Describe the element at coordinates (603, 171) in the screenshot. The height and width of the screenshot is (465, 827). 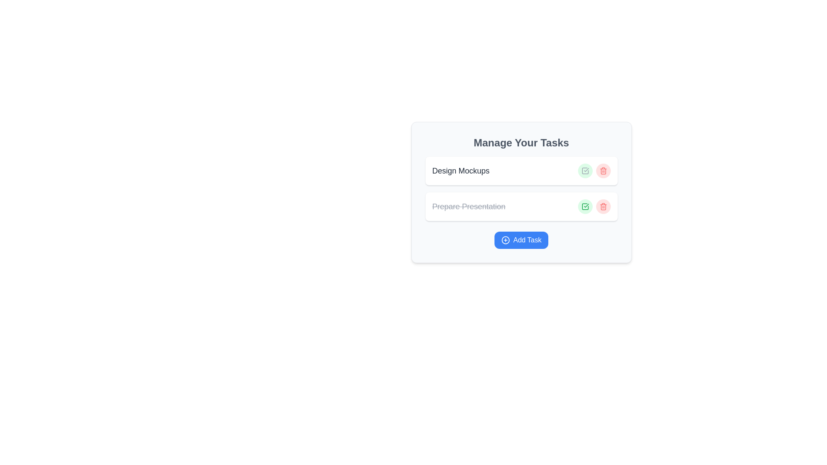
I see `the delete icon button for the 'Design Mockups' task` at that location.